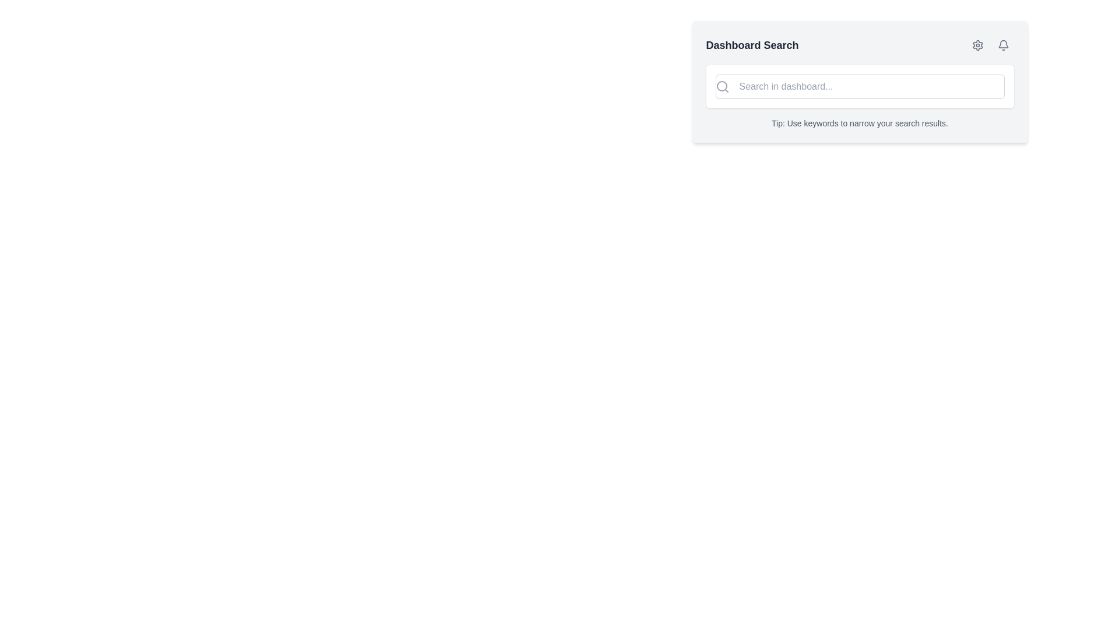 This screenshot has width=1119, height=629. Describe the element at coordinates (860, 123) in the screenshot. I see `the text label that reads 'Tip: Use keywords to narrow your search results', which is styled in a small font size and grayish color, located below the search bar within a softly rounded rectangular card` at that location.